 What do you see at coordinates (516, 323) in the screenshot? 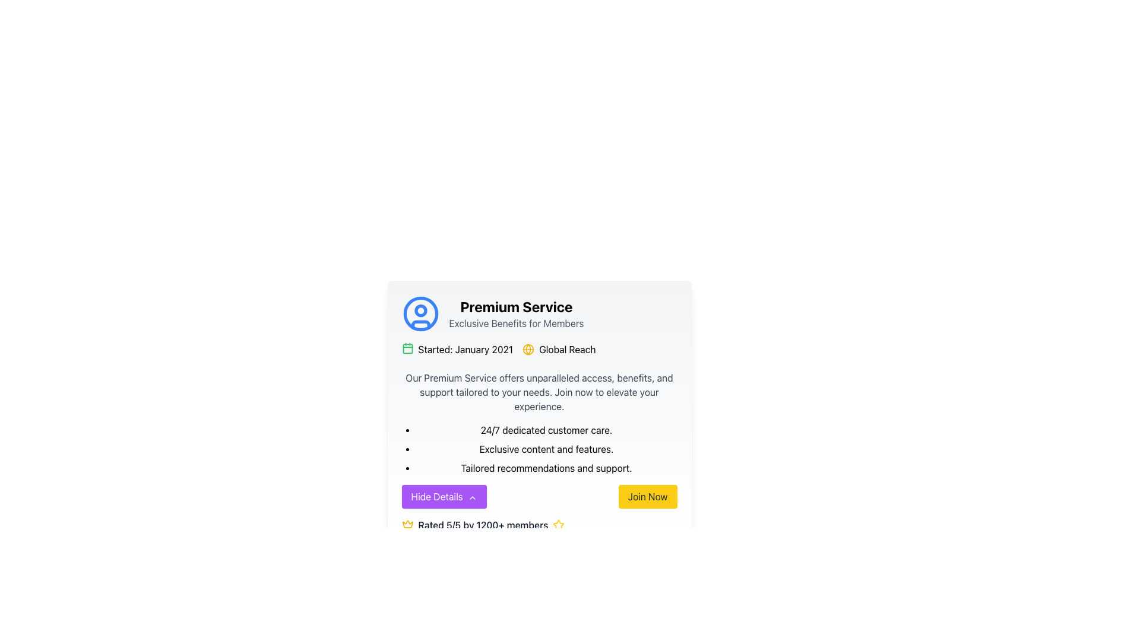
I see `the text display element that shows 'Exclusive Benefits for Members', which is styled in gray and located below the title 'Premium Service' on the card layout` at bounding box center [516, 323].